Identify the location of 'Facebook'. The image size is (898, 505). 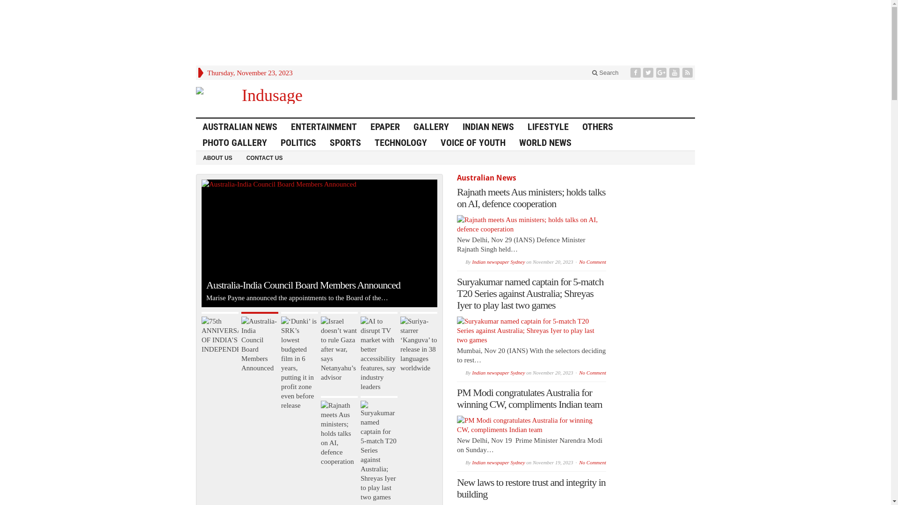
(636, 72).